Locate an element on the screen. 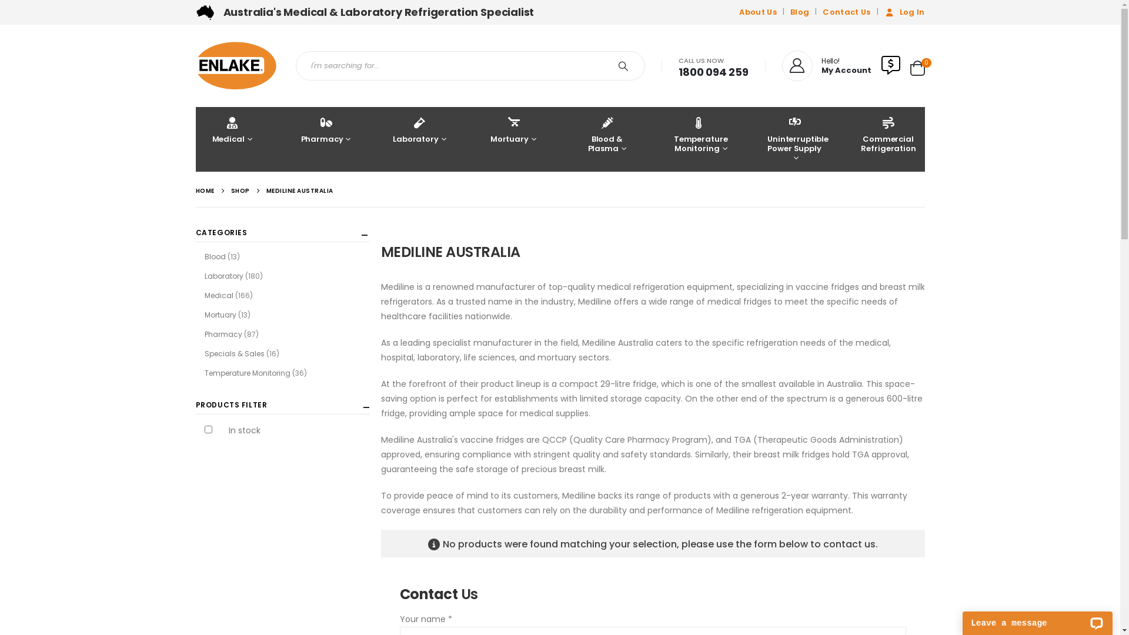 This screenshot has height=635, width=1129. 'Blood & Plasma' is located at coordinates (607, 138).